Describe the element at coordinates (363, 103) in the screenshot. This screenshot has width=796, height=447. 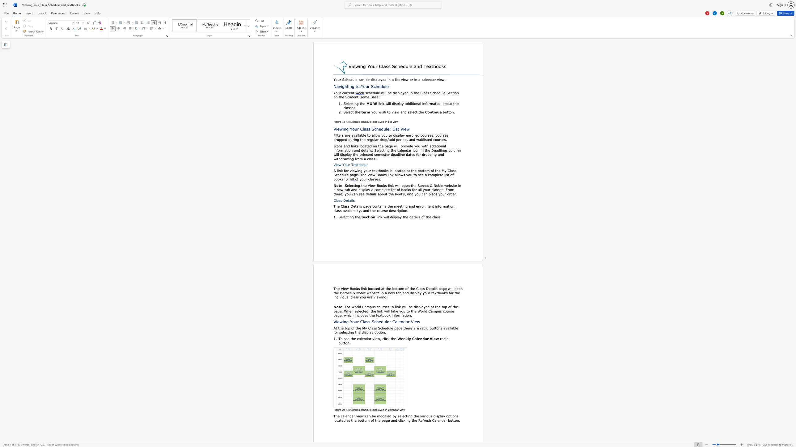
I see `the space between the continuous character "h" and "e" in the text` at that location.